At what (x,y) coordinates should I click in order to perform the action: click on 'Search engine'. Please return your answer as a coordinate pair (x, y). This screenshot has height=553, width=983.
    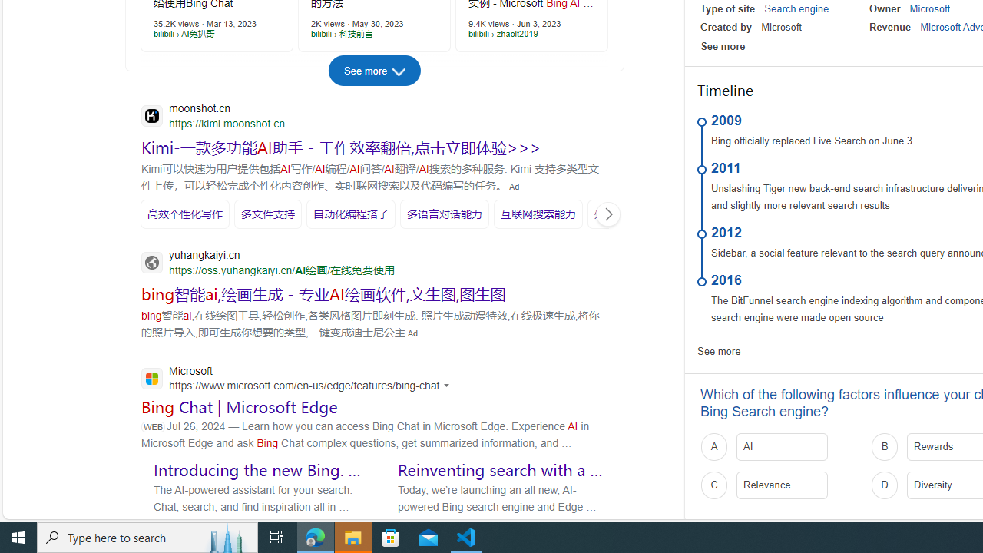
    Looking at the image, I should click on (796, 8).